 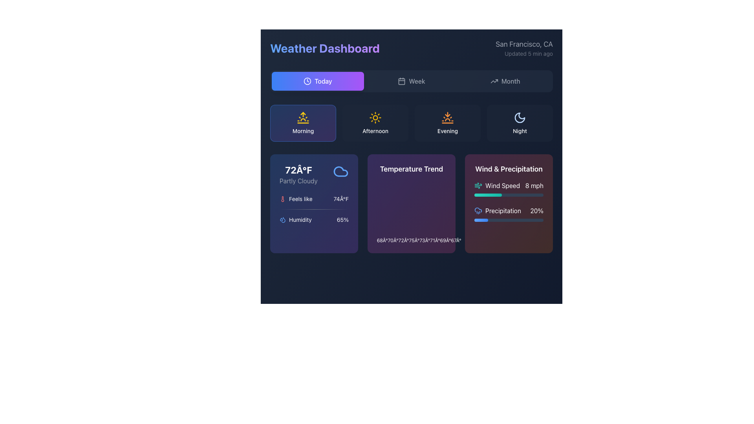 What do you see at coordinates (382, 240) in the screenshot?
I see `the temperature value label located in the bottom portion of the 'Temperature Trend' section, which represents a specific temperature value` at bounding box center [382, 240].